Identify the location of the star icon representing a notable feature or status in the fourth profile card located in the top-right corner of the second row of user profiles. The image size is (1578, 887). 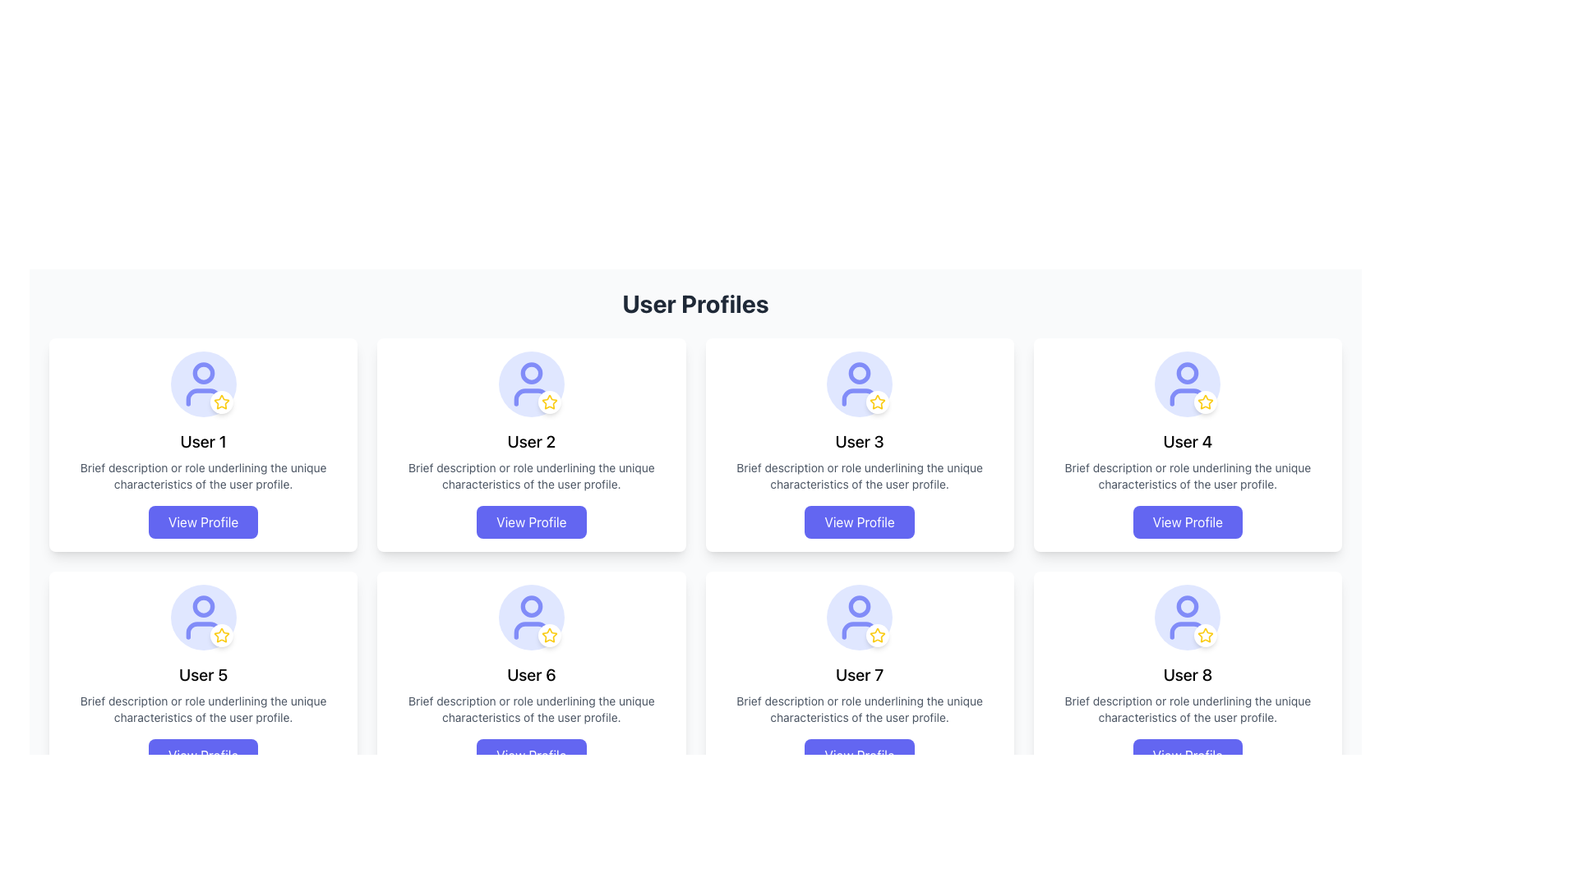
(1206, 402).